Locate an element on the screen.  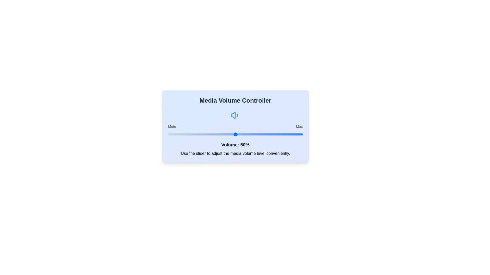
the volume to 88% by adjusting the slider is located at coordinates (287, 134).